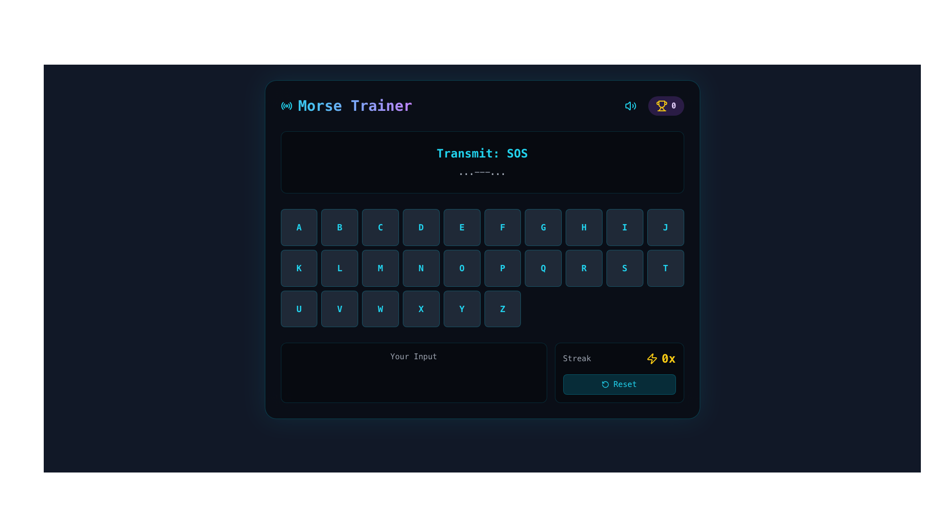 The height and width of the screenshot is (525, 933). I want to click on the first cyan arc of the SVG illustration in the circular arrangement located near the 'Morse Trainer' title, so click(281, 106).